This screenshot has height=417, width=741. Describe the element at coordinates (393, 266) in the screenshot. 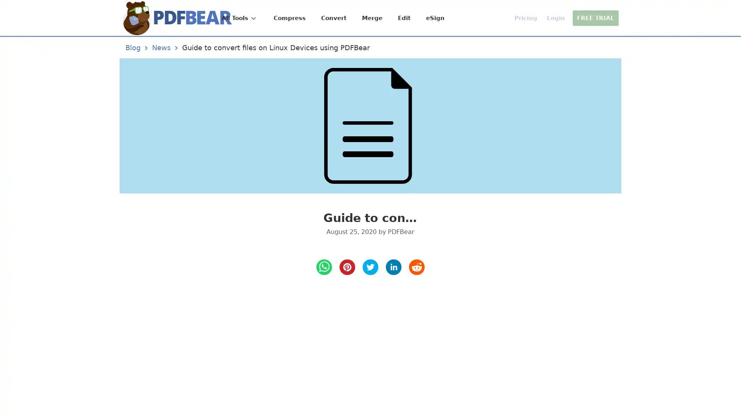

I see `linkedin` at that location.